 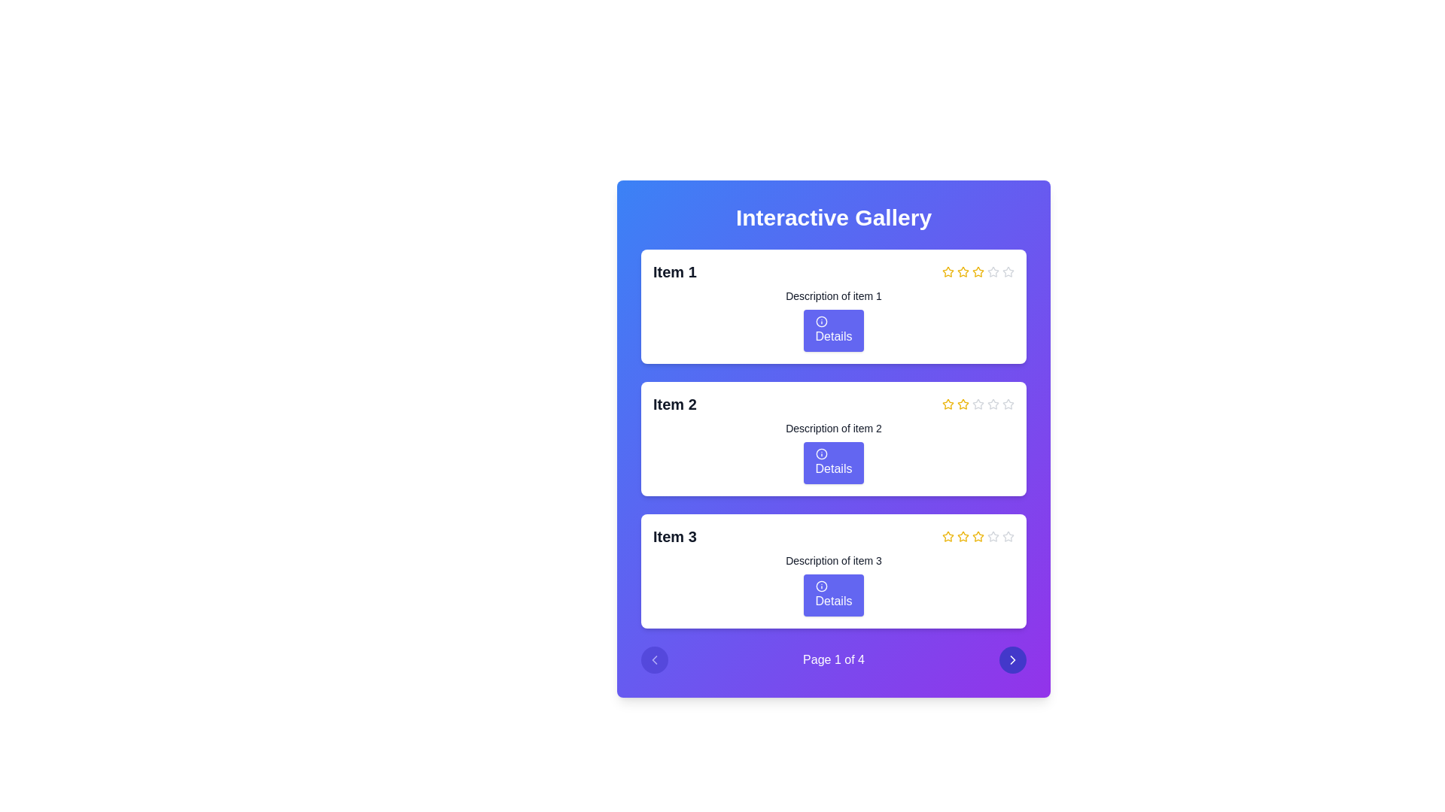 I want to click on the 'Details' button which contains the information icon for the first item in the list, so click(x=820, y=321).